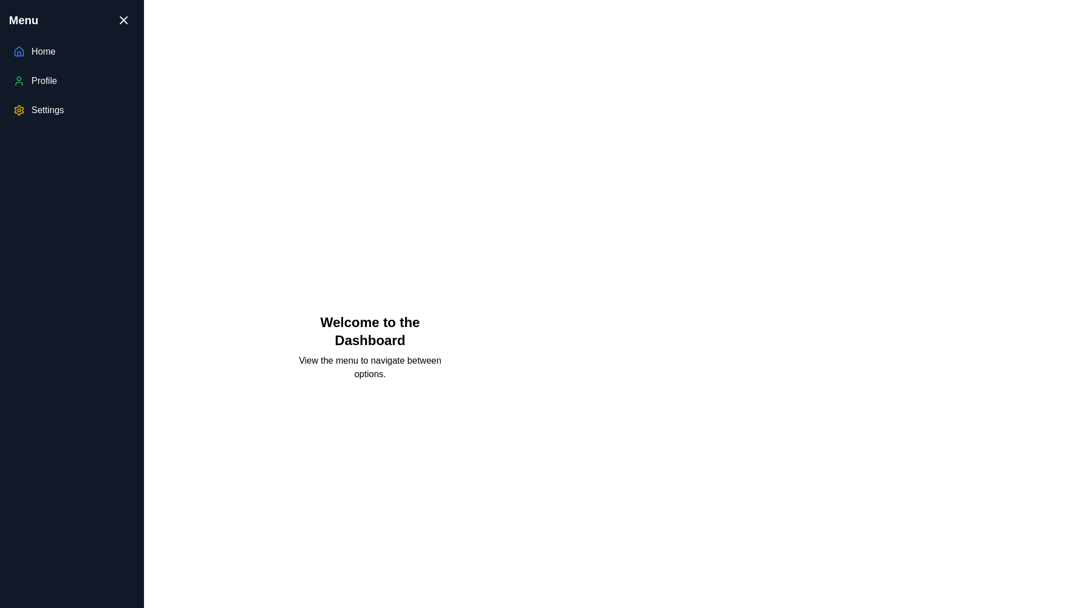 The width and height of the screenshot is (1080, 608). Describe the element at coordinates (71, 52) in the screenshot. I see `the first navigation item in the sidebar that leads to the 'Home' section to change its background color` at that location.